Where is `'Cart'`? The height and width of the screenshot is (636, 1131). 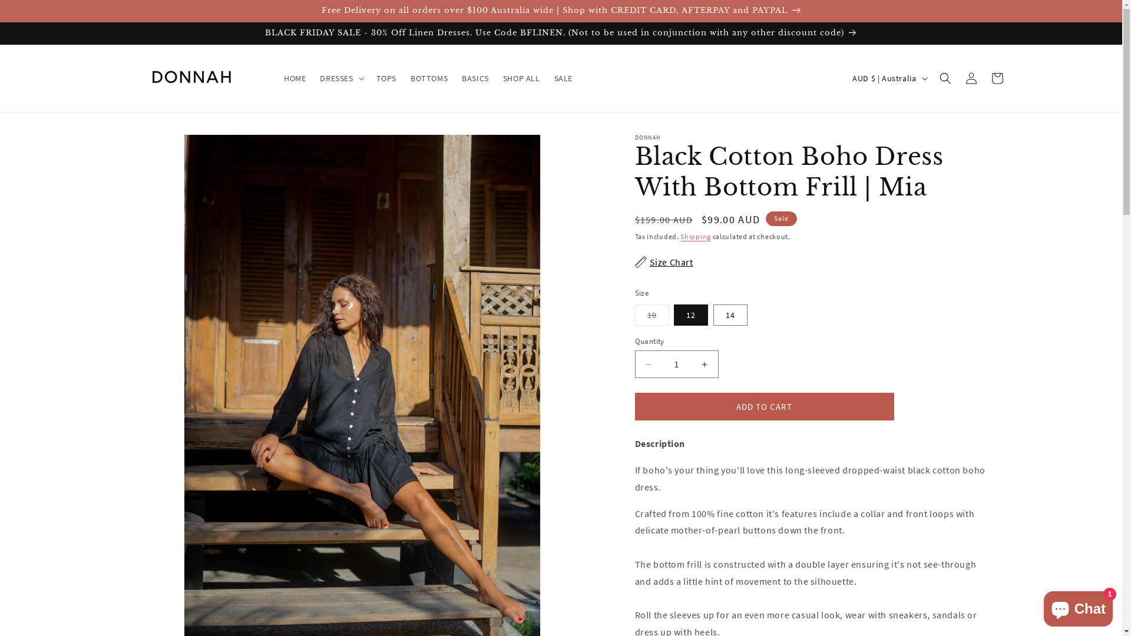 'Cart' is located at coordinates (996, 78).